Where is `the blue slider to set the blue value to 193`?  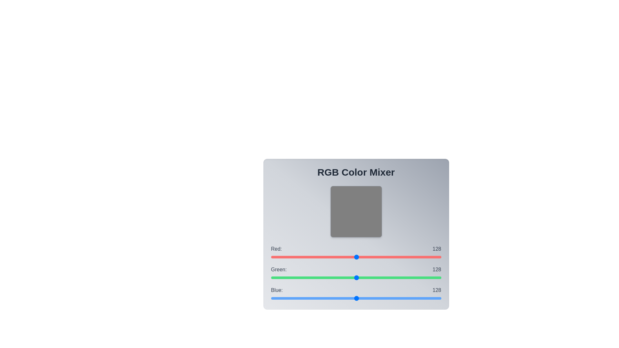 the blue slider to set the blue value to 193 is located at coordinates (399, 298).